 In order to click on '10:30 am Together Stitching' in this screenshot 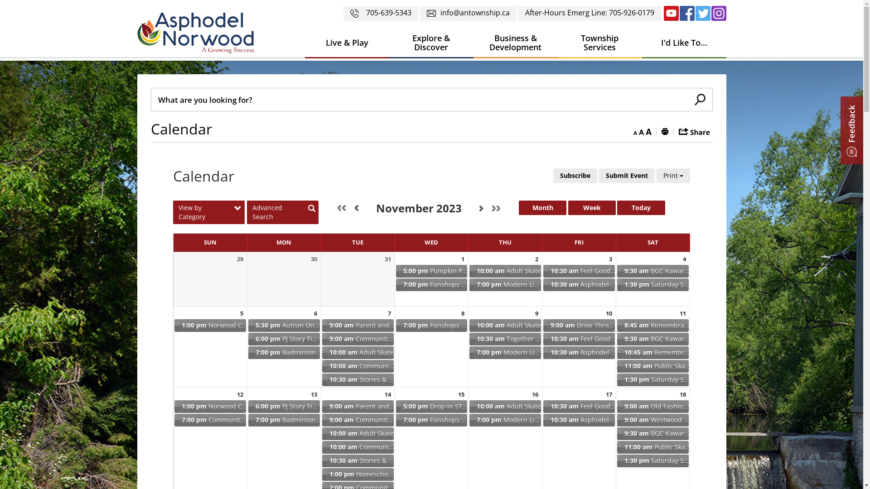, I will do `click(504, 339)`.